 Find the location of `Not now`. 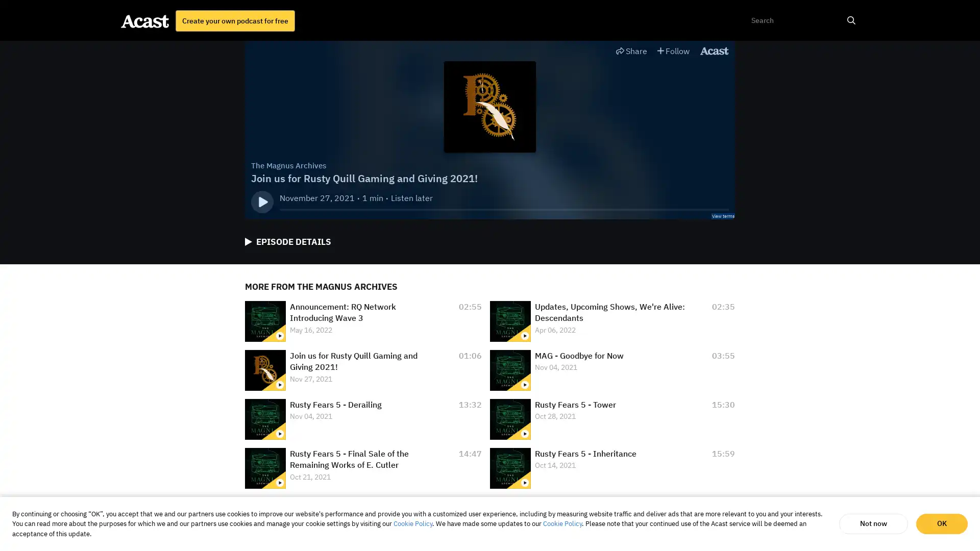

Not now is located at coordinates (873, 523).